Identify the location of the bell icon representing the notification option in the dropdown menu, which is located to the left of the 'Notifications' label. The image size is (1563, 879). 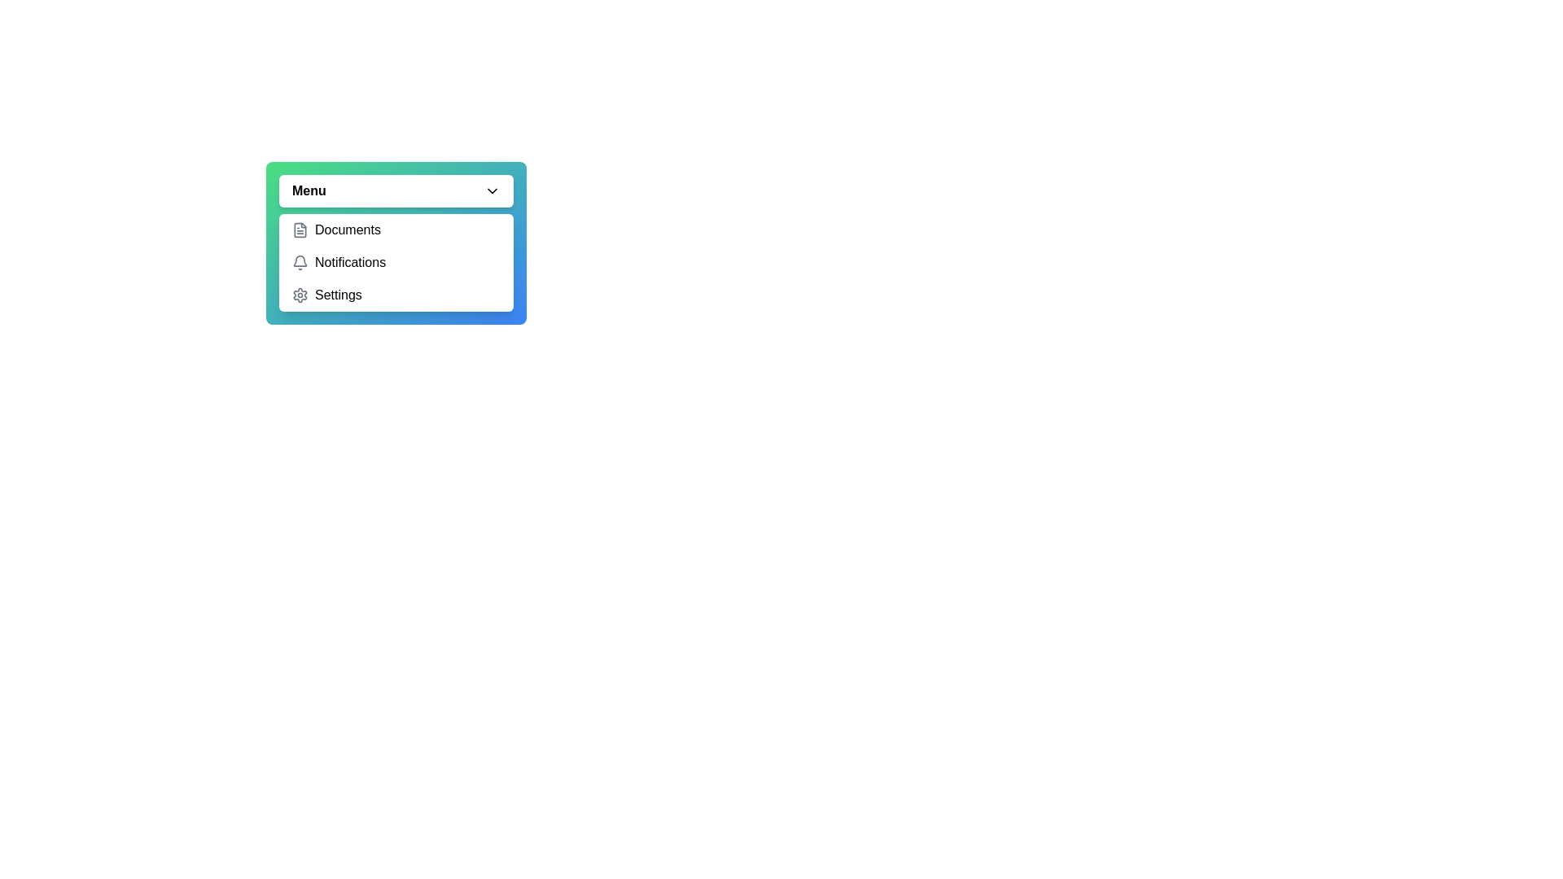
(300, 262).